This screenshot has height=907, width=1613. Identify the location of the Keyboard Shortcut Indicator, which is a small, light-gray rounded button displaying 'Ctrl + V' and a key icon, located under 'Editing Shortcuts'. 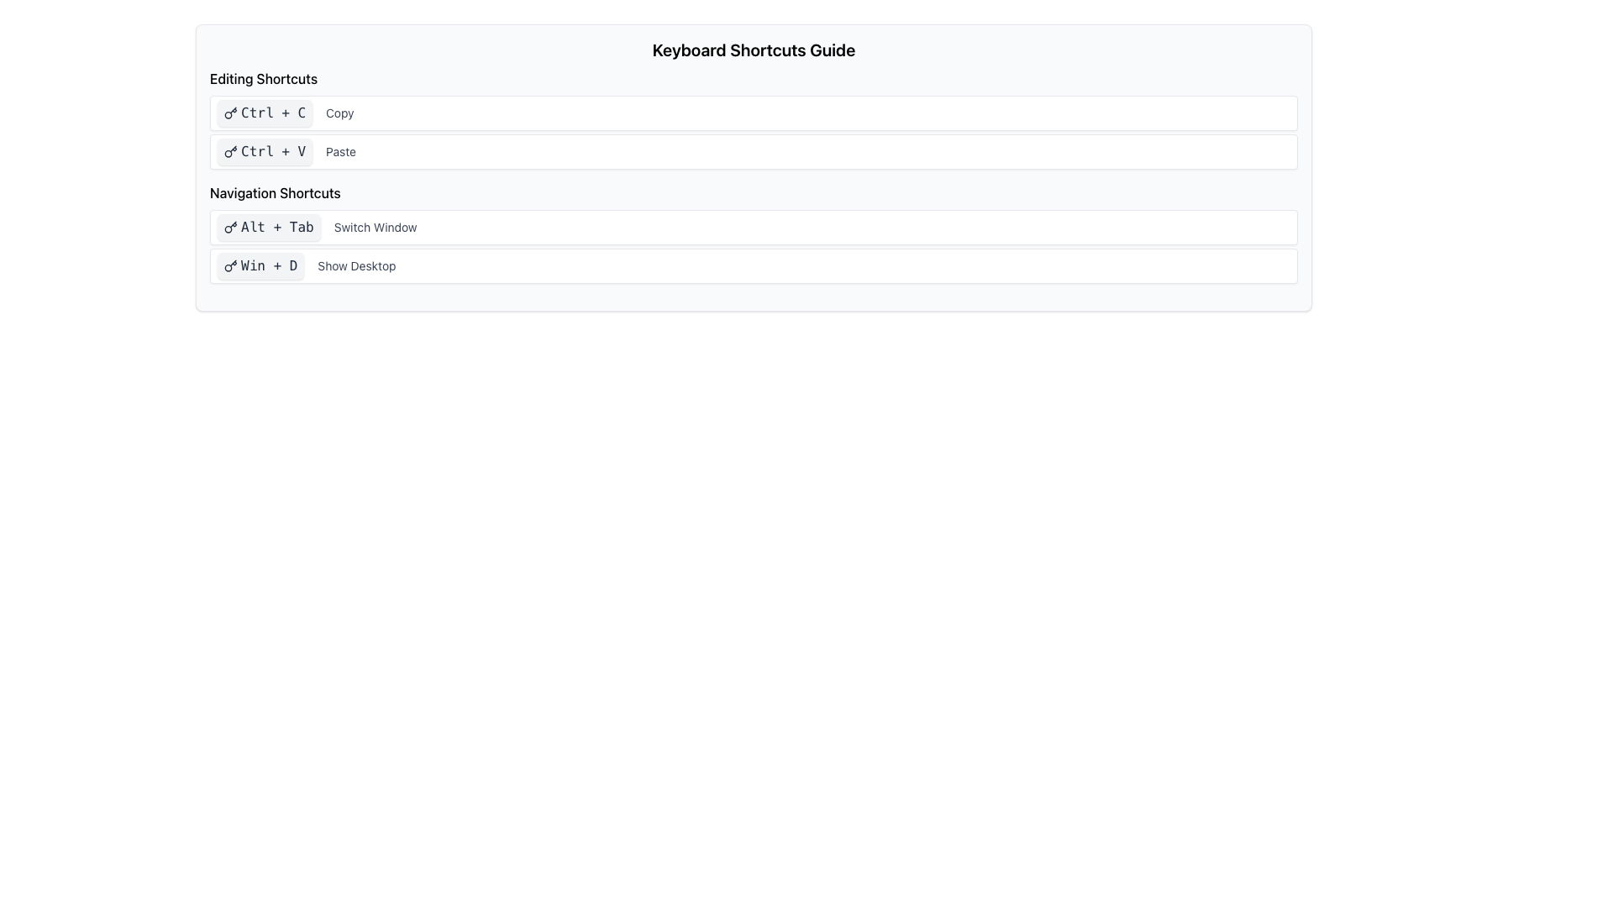
(264, 152).